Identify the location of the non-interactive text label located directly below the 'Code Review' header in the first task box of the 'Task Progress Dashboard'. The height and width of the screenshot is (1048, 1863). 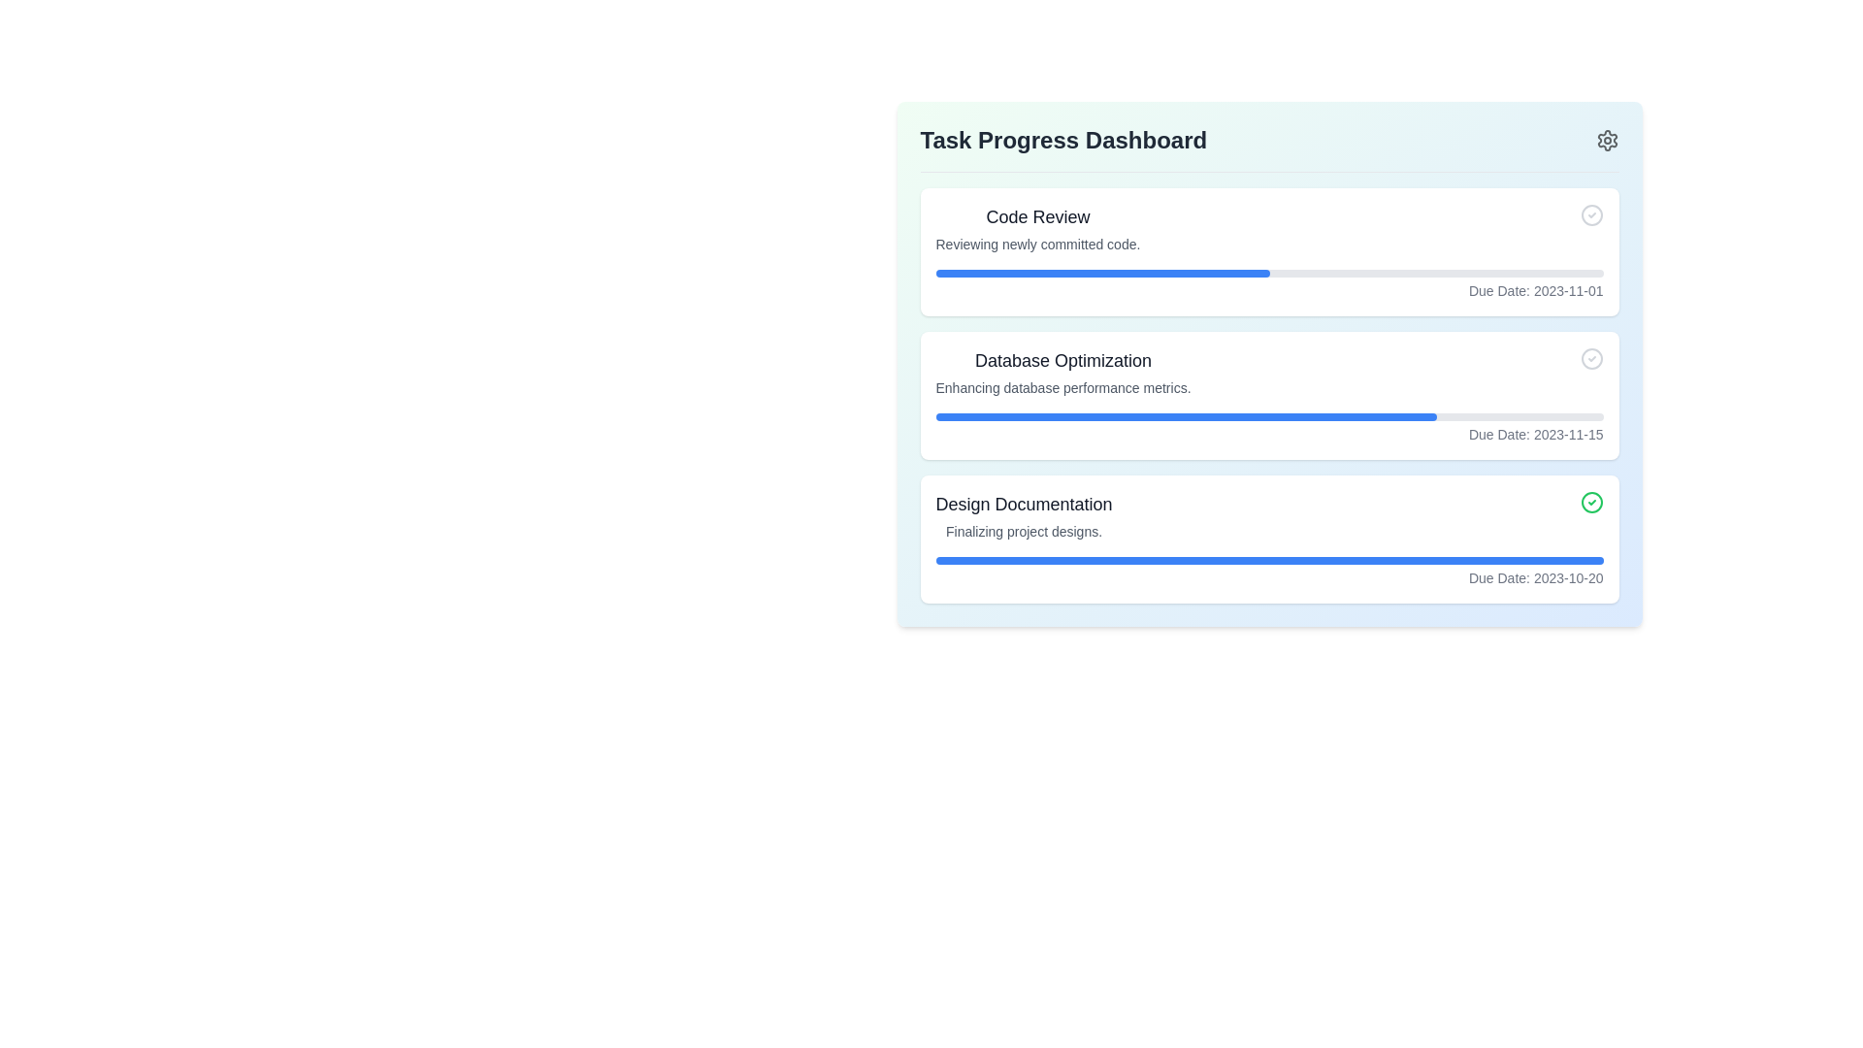
(1037, 243).